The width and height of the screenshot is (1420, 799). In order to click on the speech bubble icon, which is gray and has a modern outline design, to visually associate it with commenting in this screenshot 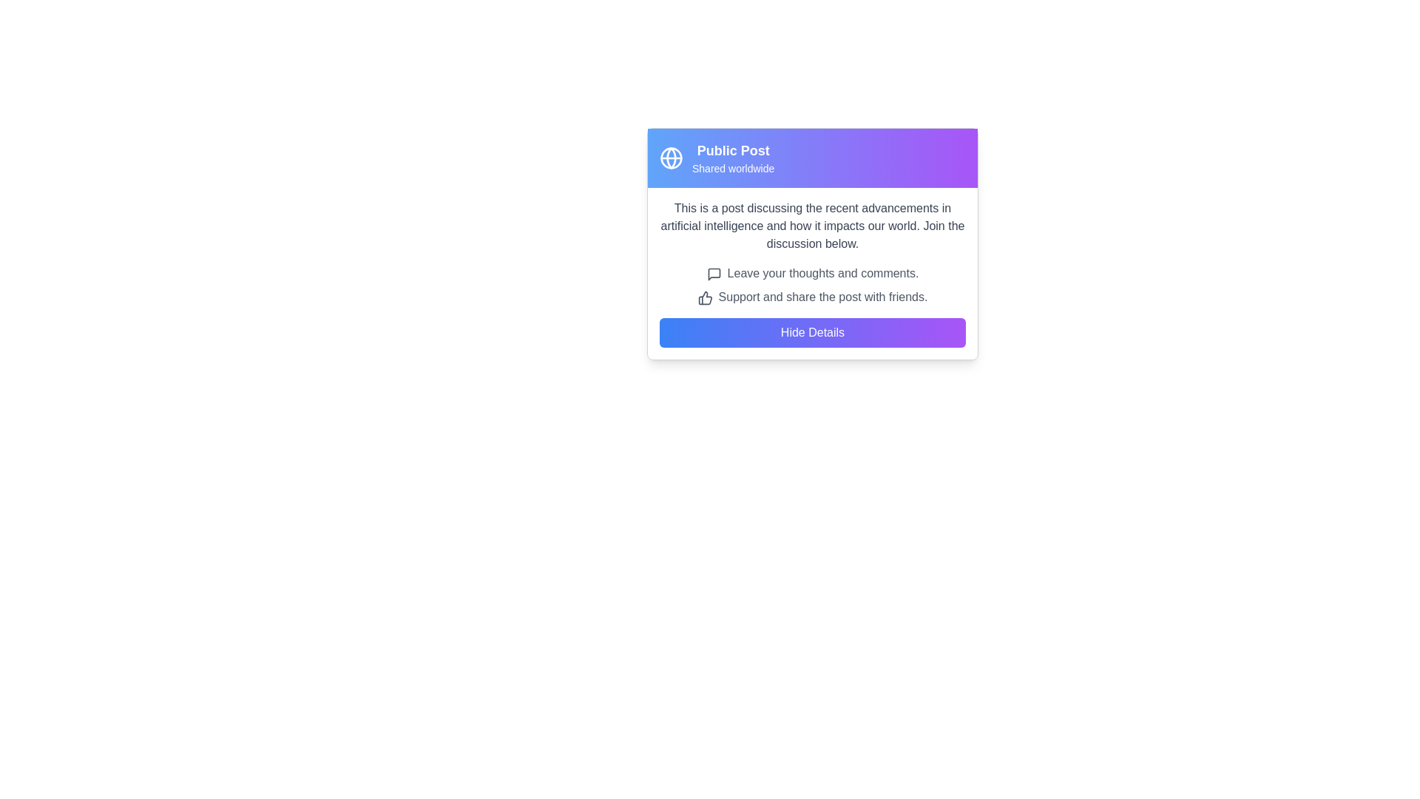, I will do `click(714, 274)`.